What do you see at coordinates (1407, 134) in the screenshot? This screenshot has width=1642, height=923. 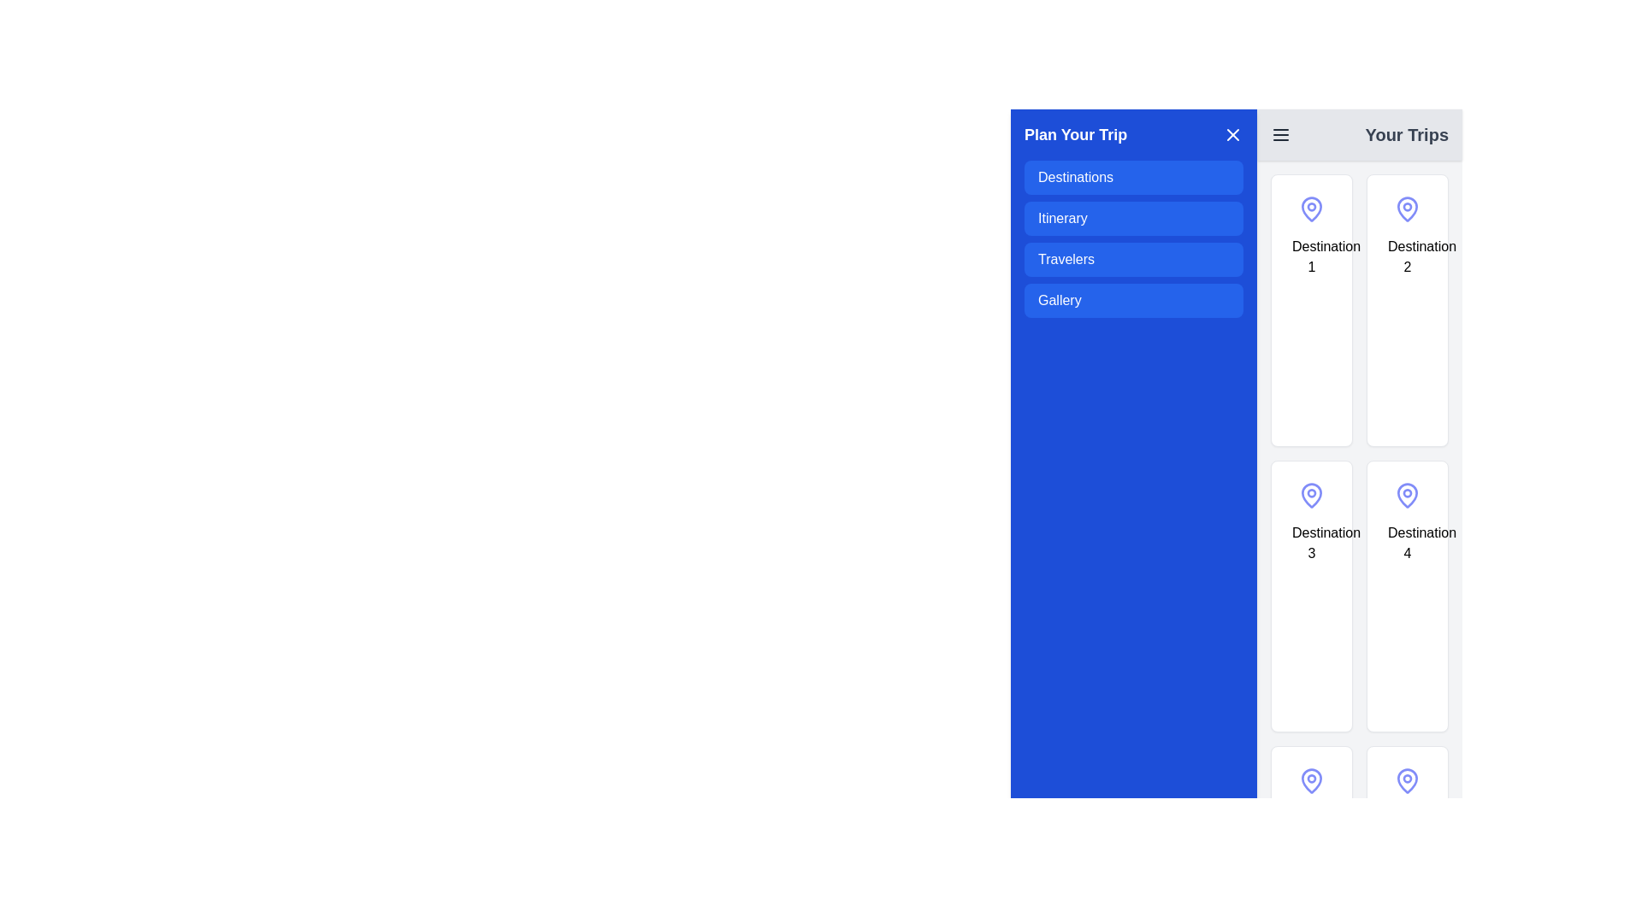 I see `the 'Your Trips' label, which is a bold text label located in the upper right section of a toolbar with a light gray background` at bounding box center [1407, 134].